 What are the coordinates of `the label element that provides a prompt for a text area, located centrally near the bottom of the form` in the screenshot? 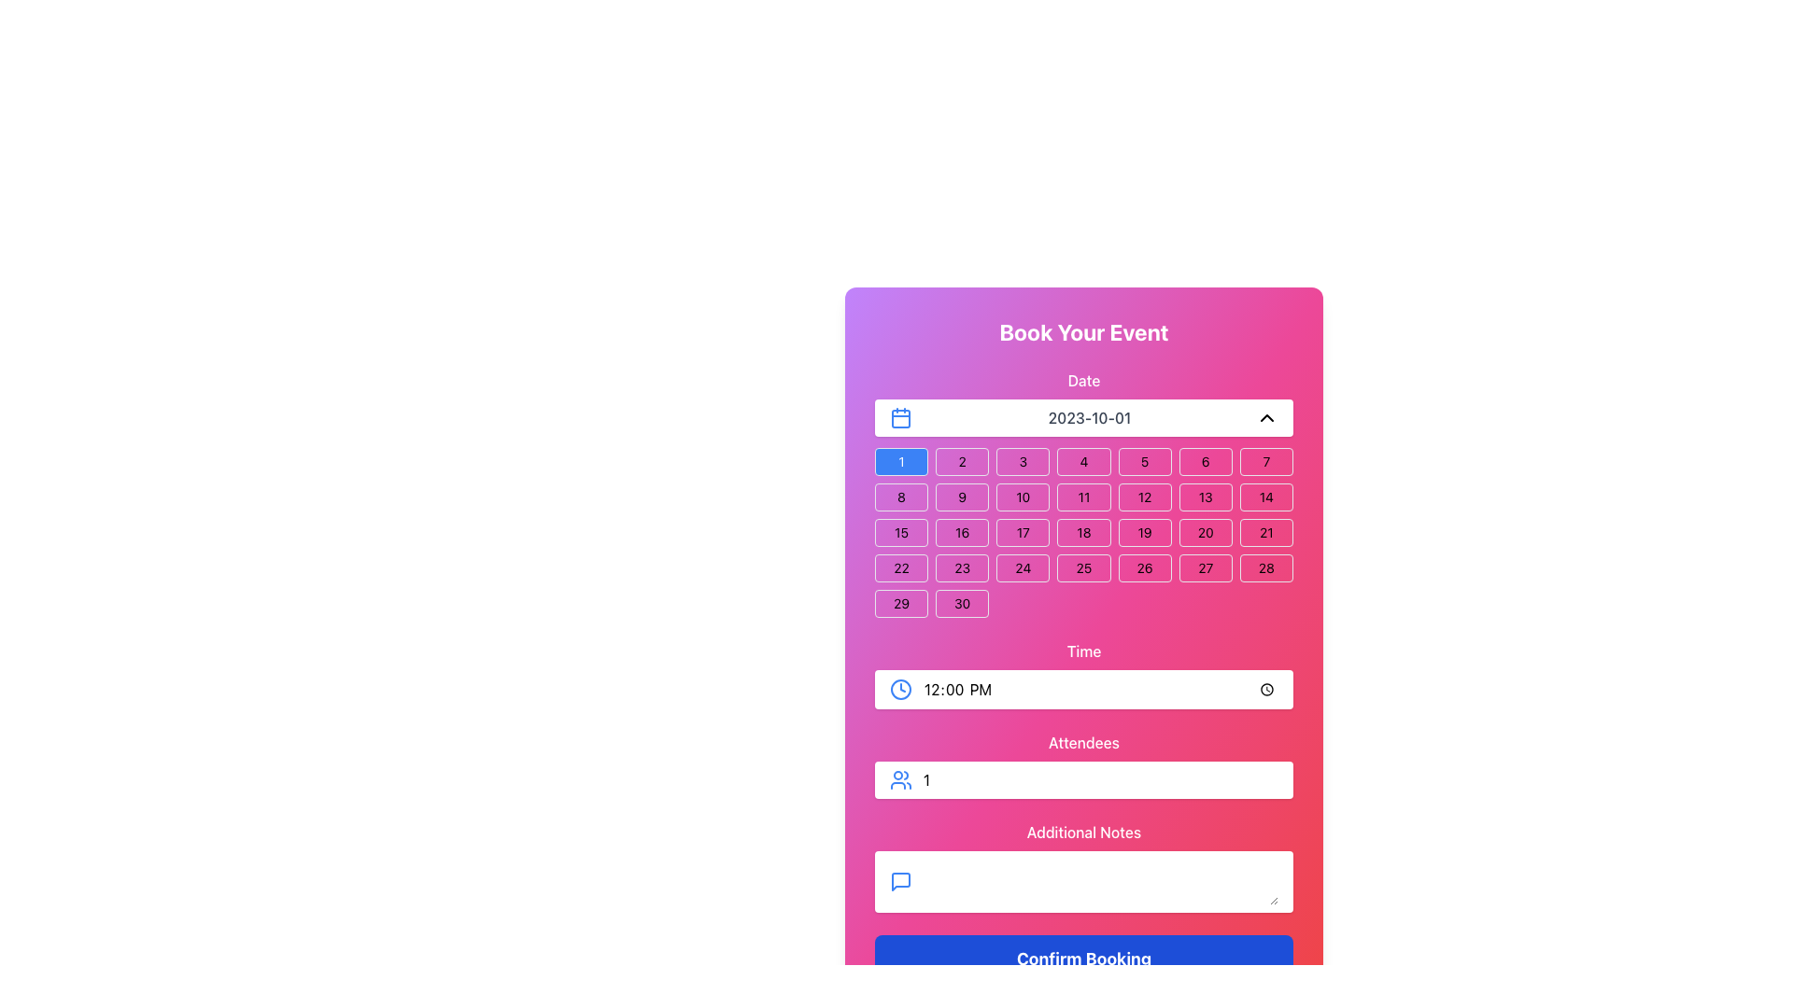 It's located at (1084, 831).